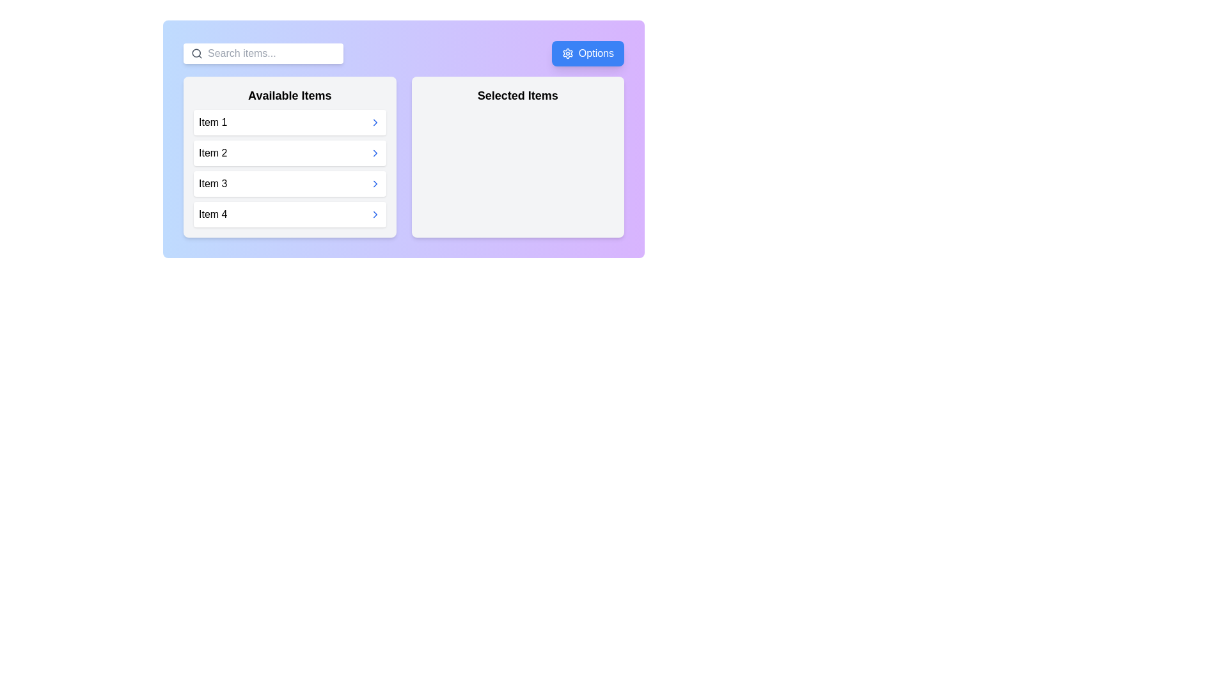  What do you see at coordinates (374, 213) in the screenshot?
I see `right arrow button next to Item 4 in the 'Available Items' list to move it to the 'Selected Items' list` at bounding box center [374, 213].